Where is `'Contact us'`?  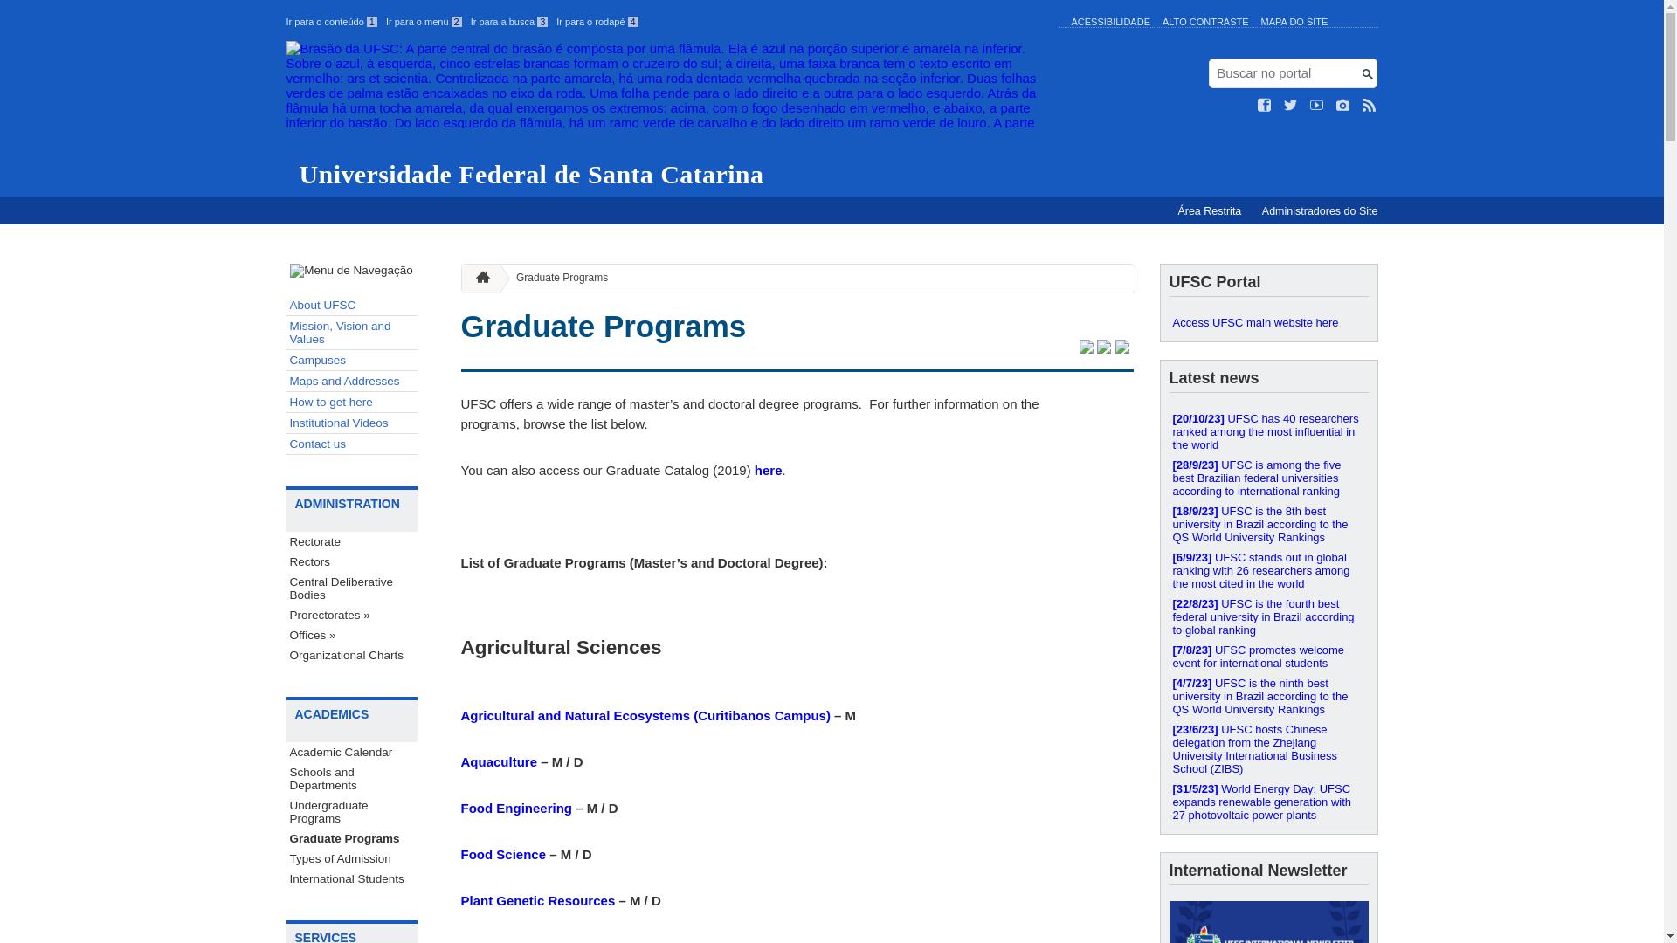
'Contact us' is located at coordinates (351, 444).